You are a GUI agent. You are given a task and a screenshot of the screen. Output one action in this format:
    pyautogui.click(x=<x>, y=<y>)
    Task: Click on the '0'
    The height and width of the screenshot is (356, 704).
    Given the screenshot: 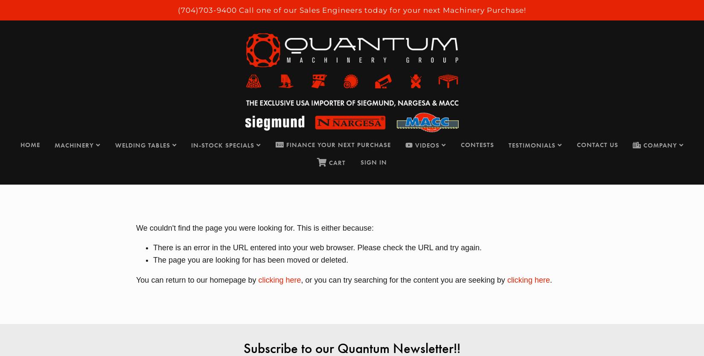 What is the action you would take?
    pyautogui.click(x=680, y=25)
    